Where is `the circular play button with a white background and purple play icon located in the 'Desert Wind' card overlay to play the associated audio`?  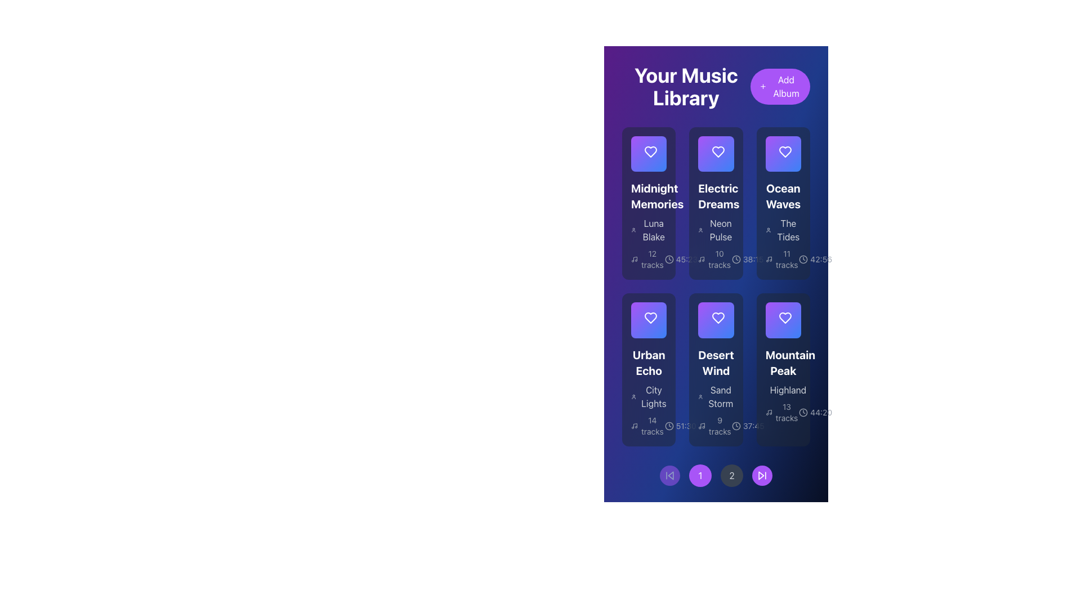 the circular play button with a white background and purple play icon located in the 'Desert Wind' card overlay to play the associated audio is located at coordinates (716, 320).